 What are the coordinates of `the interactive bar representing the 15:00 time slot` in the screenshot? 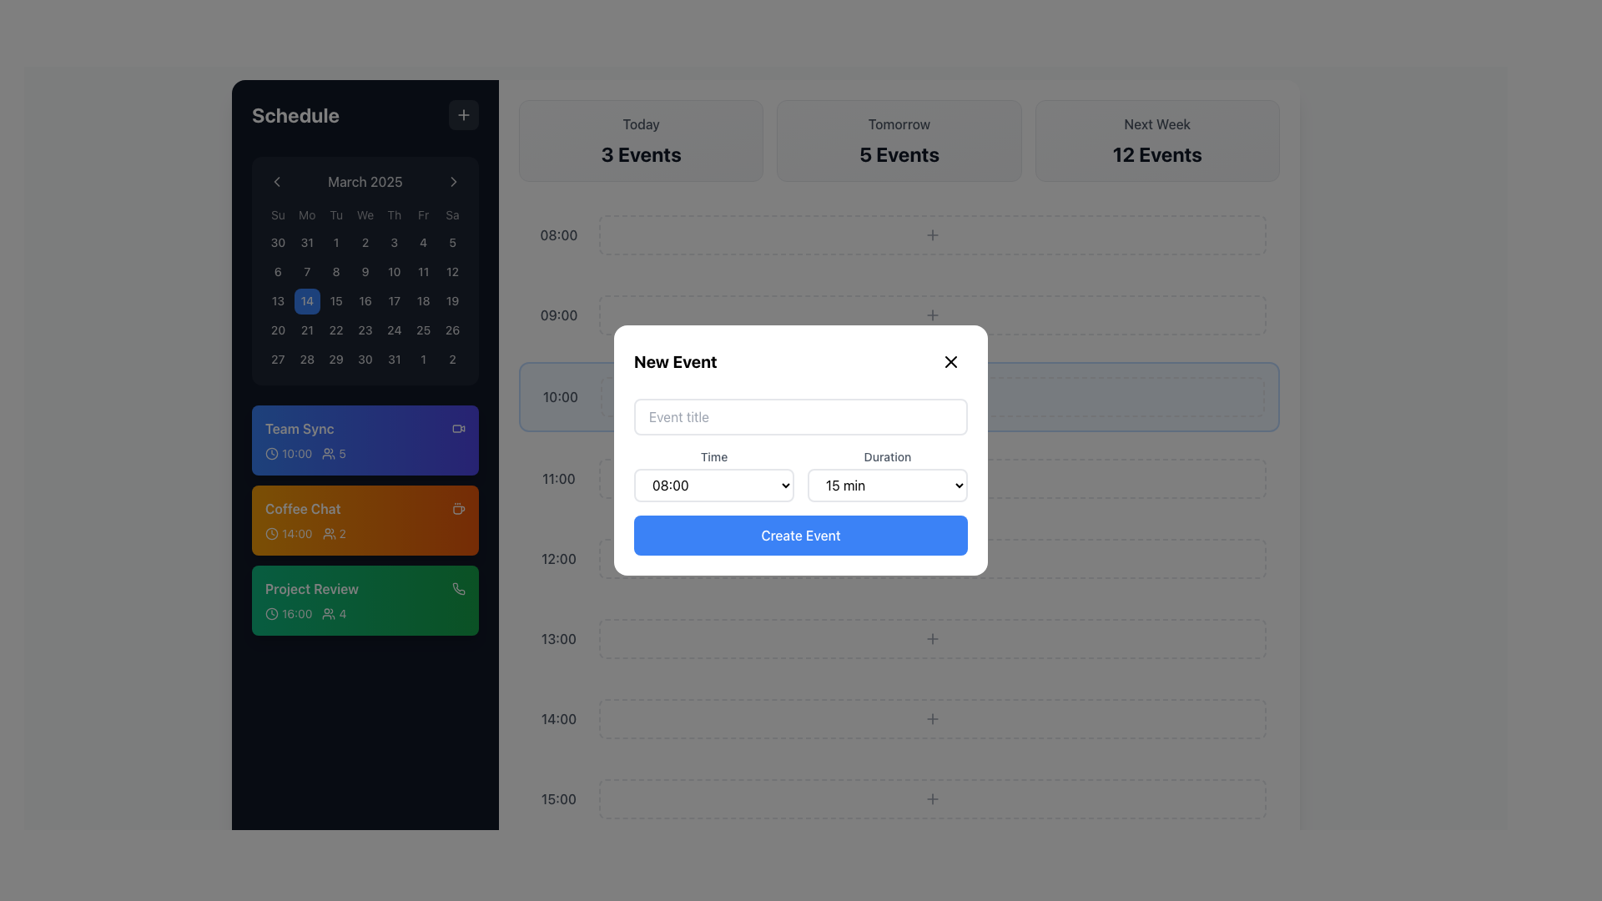 It's located at (899, 798).